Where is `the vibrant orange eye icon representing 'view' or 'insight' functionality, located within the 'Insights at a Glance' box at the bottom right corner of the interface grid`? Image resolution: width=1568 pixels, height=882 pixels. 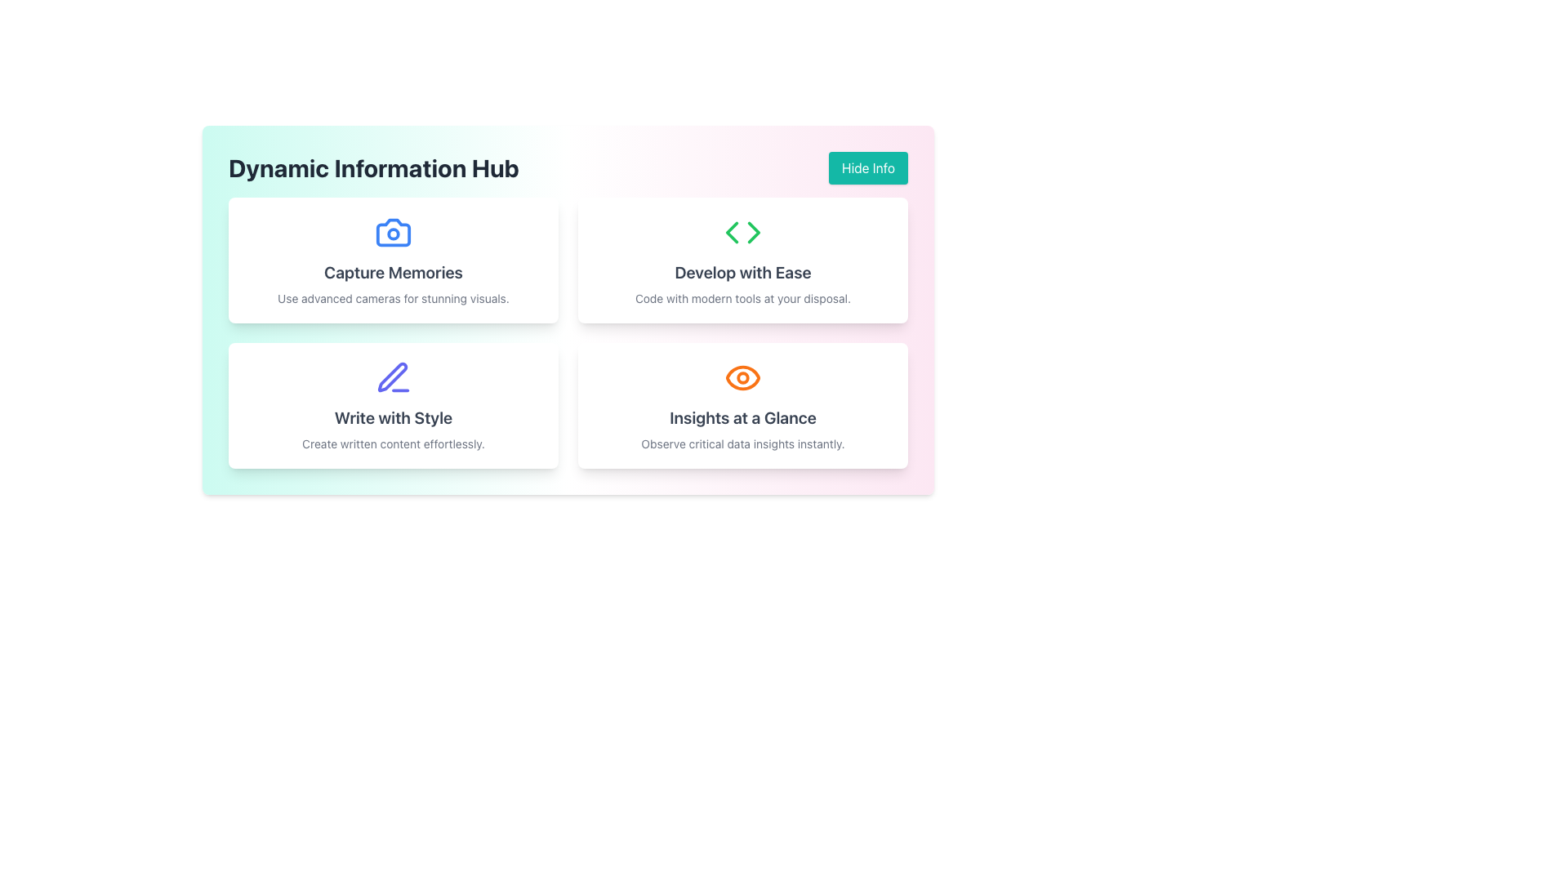 the vibrant orange eye icon representing 'view' or 'insight' functionality, located within the 'Insights at a Glance' box at the bottom right corner of the interface grid is located at coordinates (742, 377).